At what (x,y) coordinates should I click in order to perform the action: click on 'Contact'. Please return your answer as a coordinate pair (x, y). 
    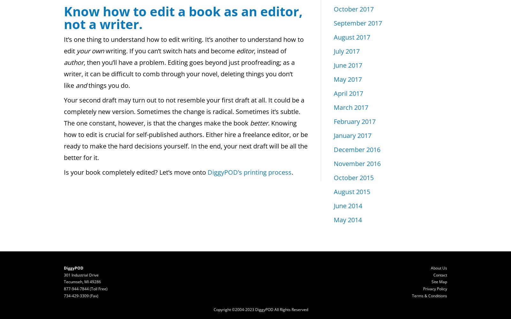
    Looking at the image, I should click on (440, 274).